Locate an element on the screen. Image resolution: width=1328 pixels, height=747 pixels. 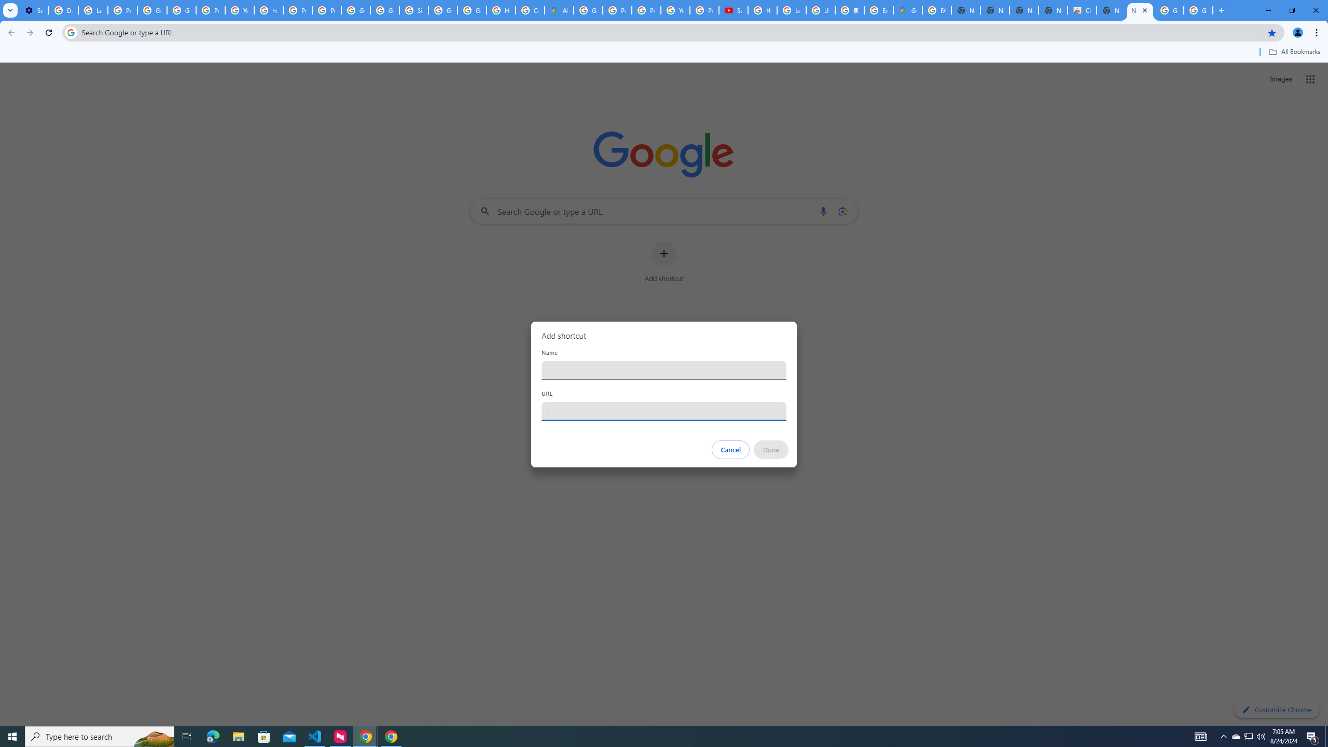
'Name' is located at coordinates (664, 369).